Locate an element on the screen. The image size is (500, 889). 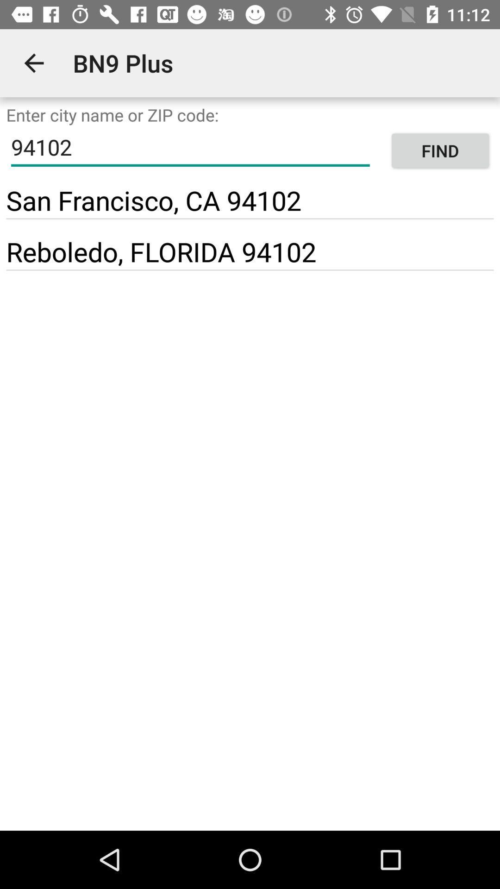
the icon above enter city name icon is located at coordinates (33, 63).